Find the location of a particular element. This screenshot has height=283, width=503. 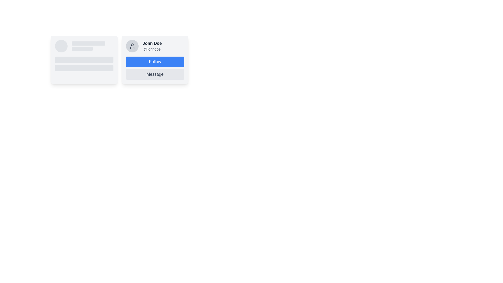

the follow button located below the user profile section of 'John Doe' is located at coordinates (155, 59).